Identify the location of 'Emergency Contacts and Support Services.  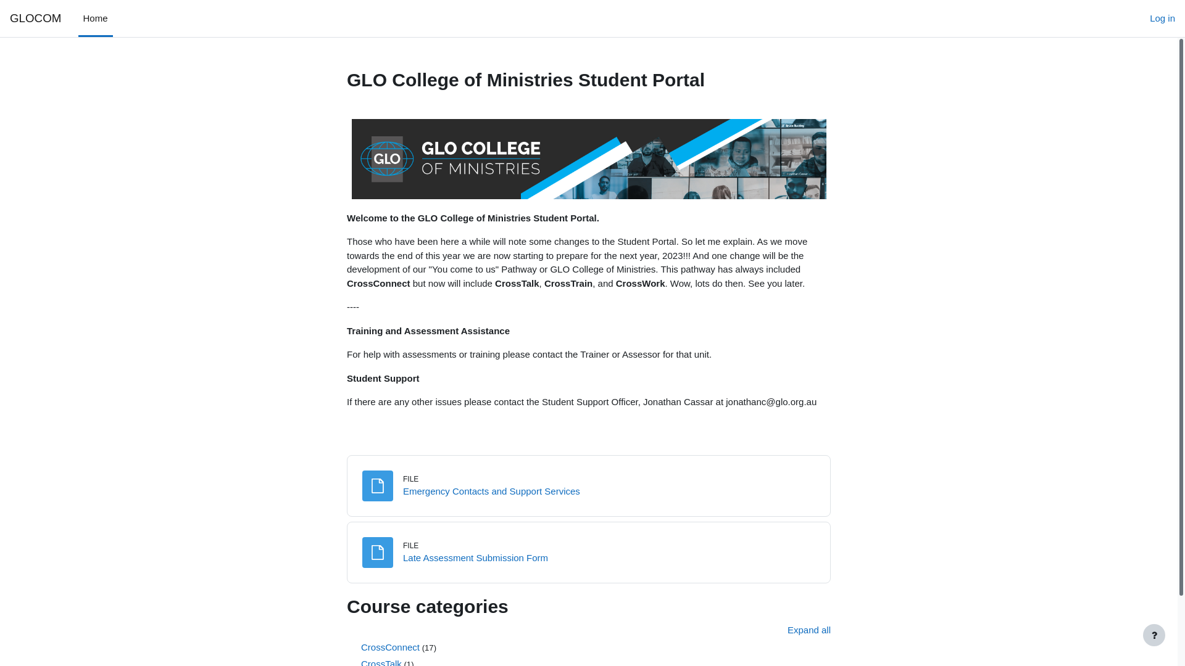
(491, 490).